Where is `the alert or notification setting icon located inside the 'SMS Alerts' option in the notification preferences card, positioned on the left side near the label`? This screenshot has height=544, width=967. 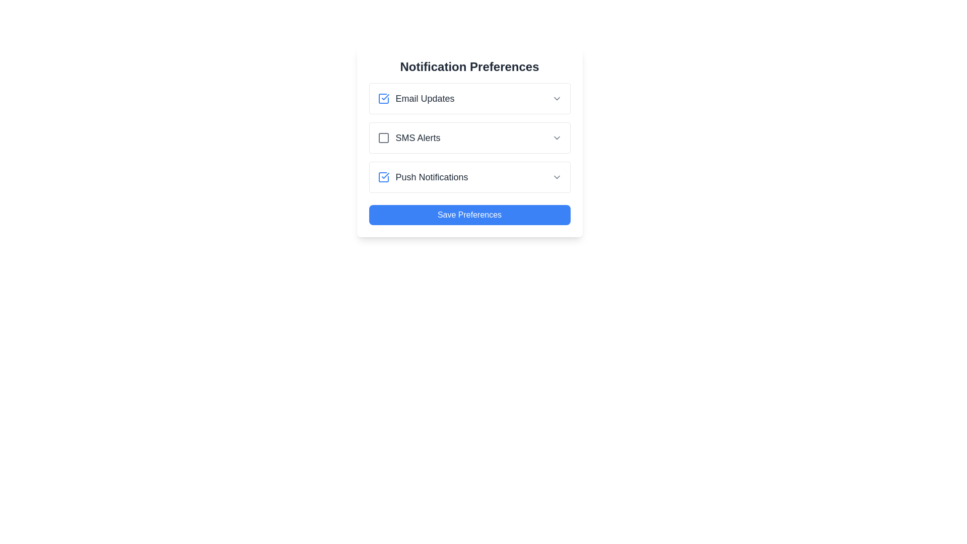
the alert or notification setting icon located inside the 'SMS Alerts' option in the notification preferences card, positioned on the left side near the label is located at coordinates (383, 138).